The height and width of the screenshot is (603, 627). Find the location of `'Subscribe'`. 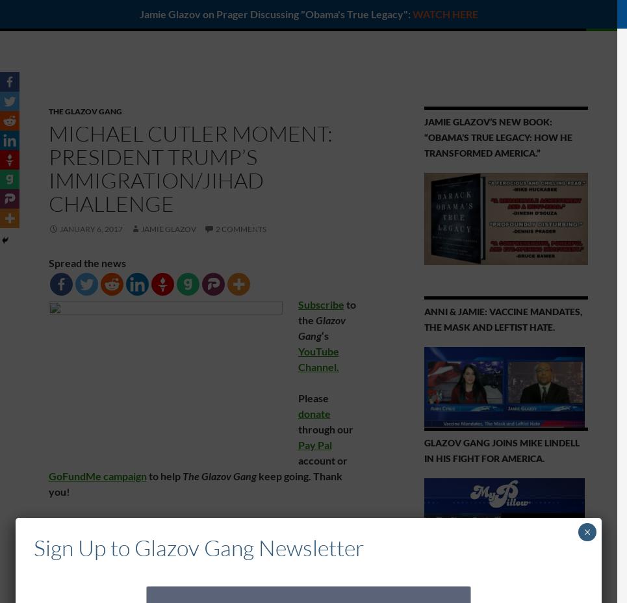

'Subscribe' is located at coordinates (320, 303).